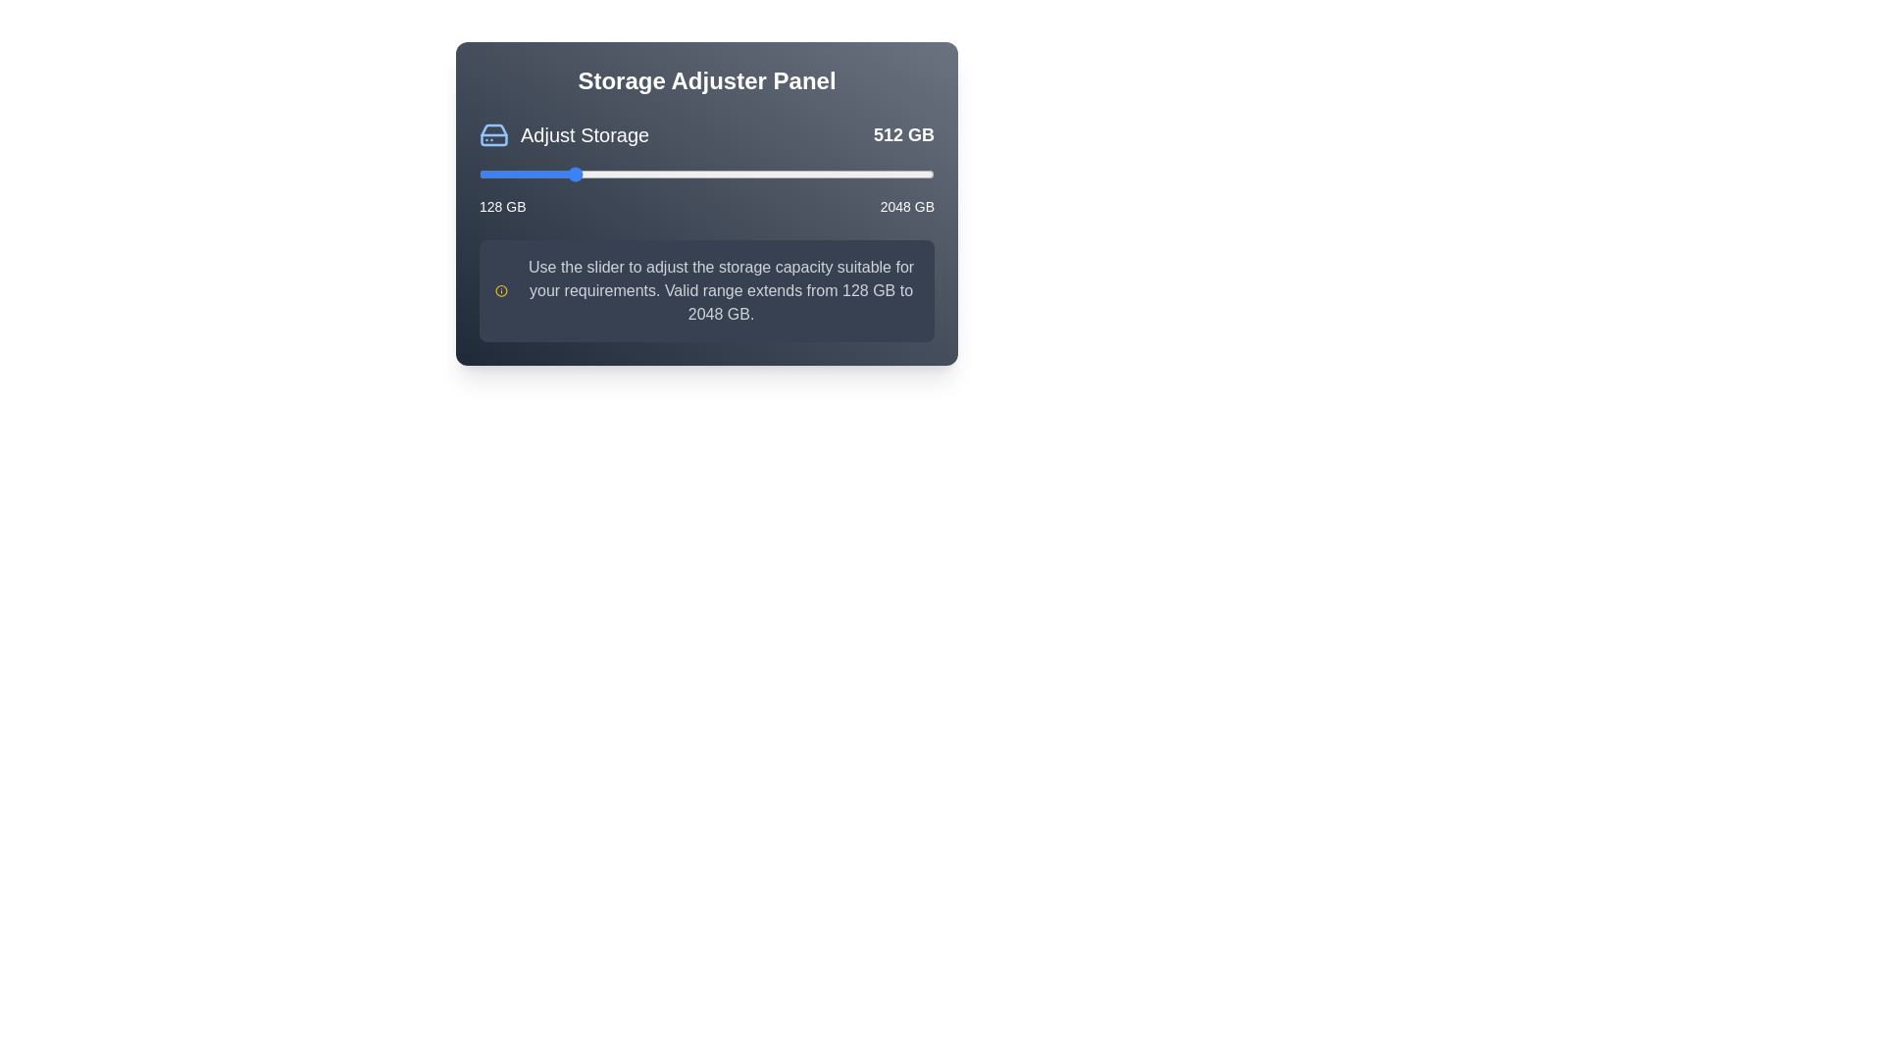  What do you see at coordinates (494, 134) in the screenshot?
I see `the dark rectangle with slanted edges at the top, resembling a stylized hard drive icon, located within the 'Storage Adjuster Panel' card` at bounding box center [494, 134].